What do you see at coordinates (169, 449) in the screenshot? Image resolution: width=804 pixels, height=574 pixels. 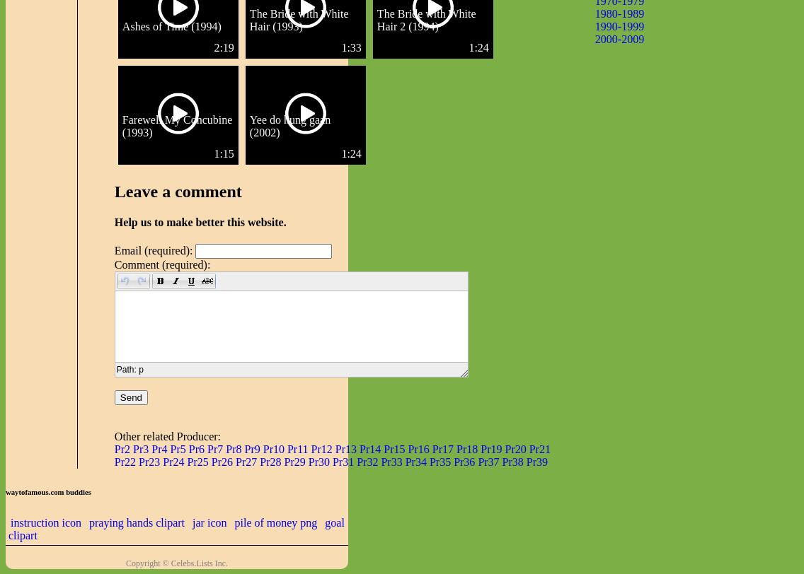 I see `'Pr5'` at bounding box center [169, 449].